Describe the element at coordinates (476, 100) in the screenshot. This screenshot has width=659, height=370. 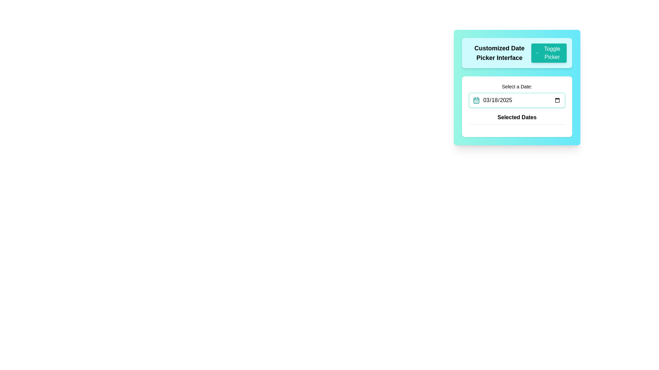
I see `the teal calendar icon located to the left inside the input field of the date picker component, below the title 'Select a Date:'` at that location.